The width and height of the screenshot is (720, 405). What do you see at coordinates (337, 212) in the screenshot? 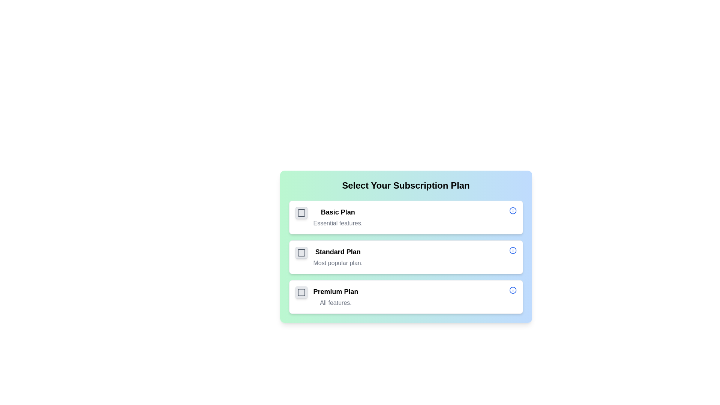
I see `the 'Basic Plan' title text label, which is positioned above the 'Essential features.' text in the first subscription card and aligned with a checkbox to its left` at bounding box center [337, 212].